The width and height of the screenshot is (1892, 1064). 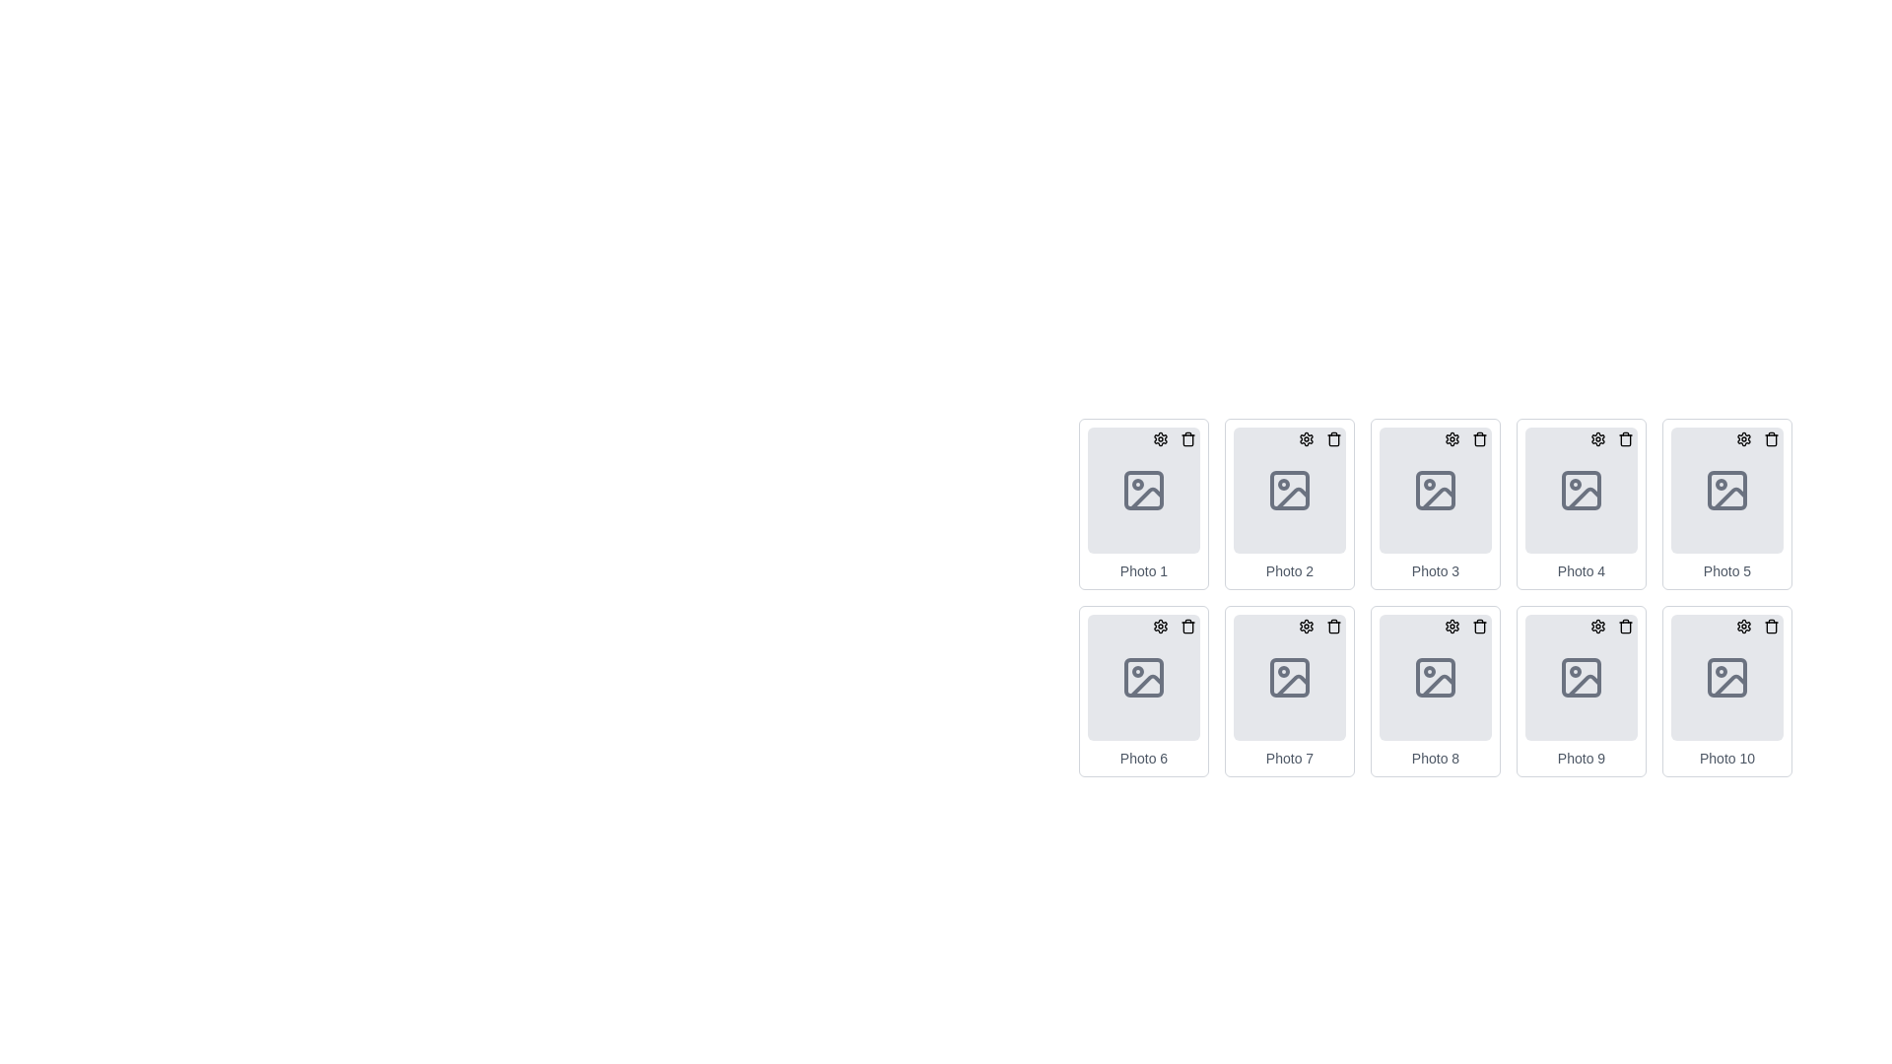 I want to click on the settings button located in the top-right corner of the fourth image card in a 2x5 grid layout, so click(x=1598, y=438).